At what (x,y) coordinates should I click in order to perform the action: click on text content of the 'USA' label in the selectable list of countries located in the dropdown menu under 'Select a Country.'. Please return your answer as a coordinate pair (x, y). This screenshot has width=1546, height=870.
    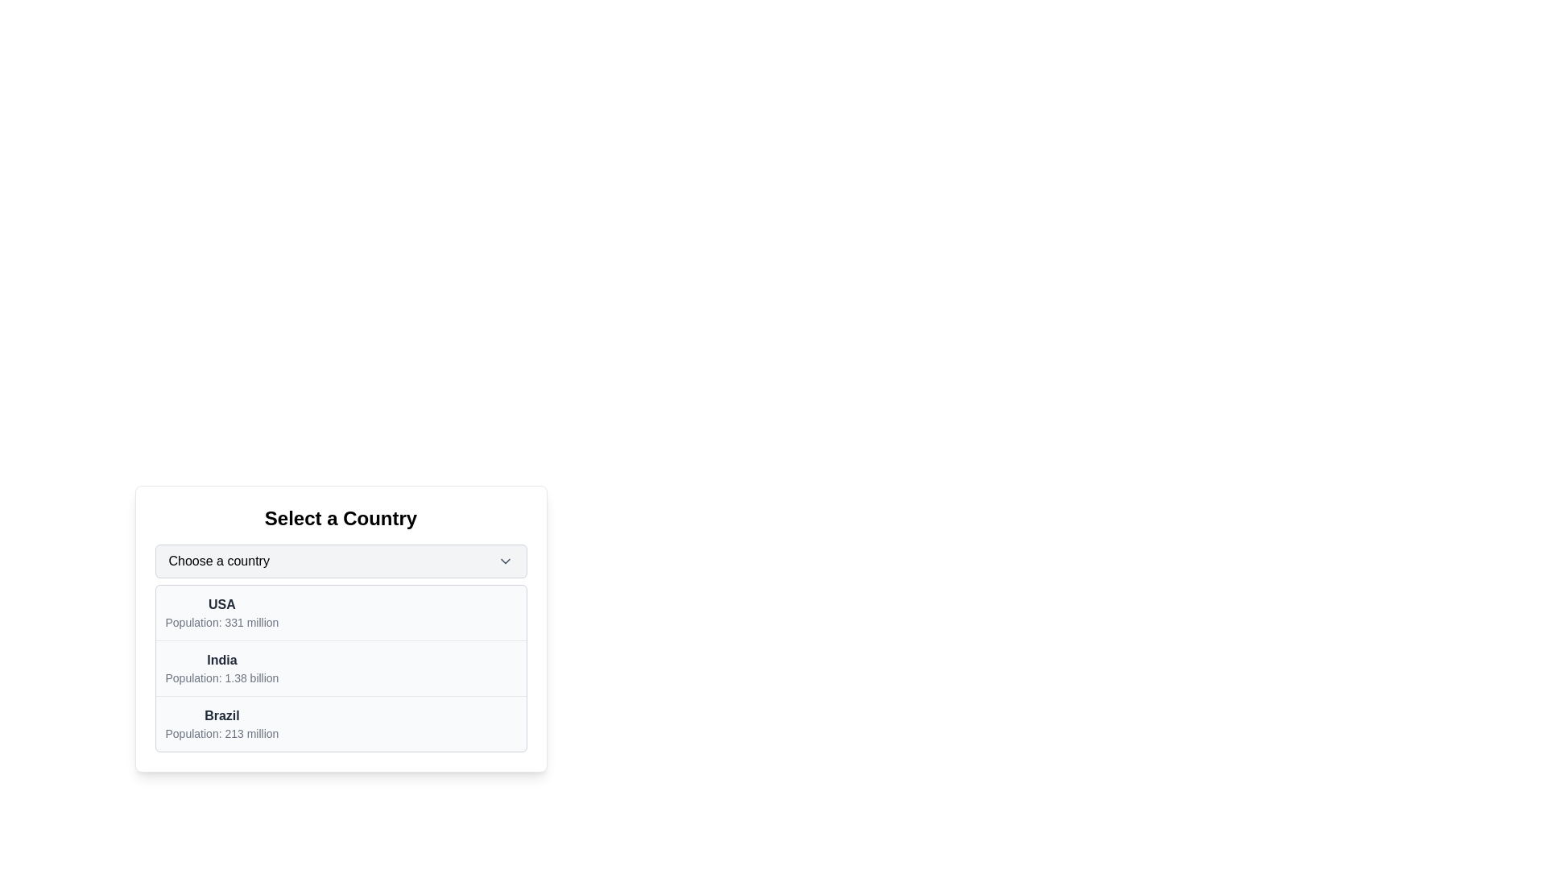
    Looking at the image, I should click on (221, 605).